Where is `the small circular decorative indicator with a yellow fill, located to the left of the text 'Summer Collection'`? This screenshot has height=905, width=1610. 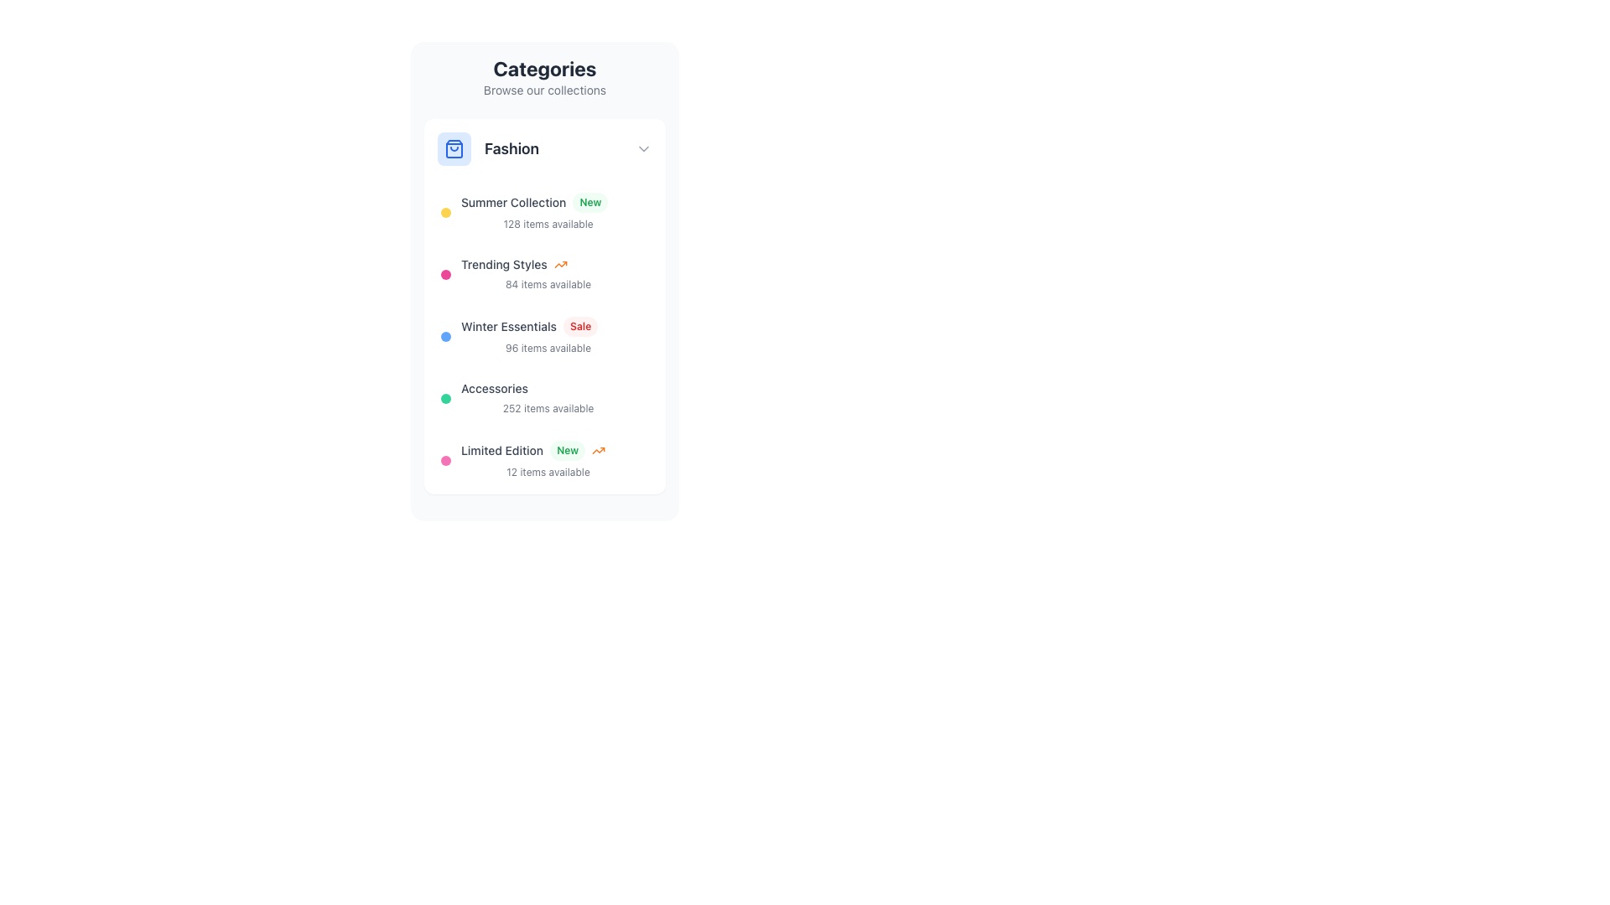 the small circular decorative indicator with a yellow fill, located to the left of the text 'Summer Collection' is located at coordinates (446, 212).